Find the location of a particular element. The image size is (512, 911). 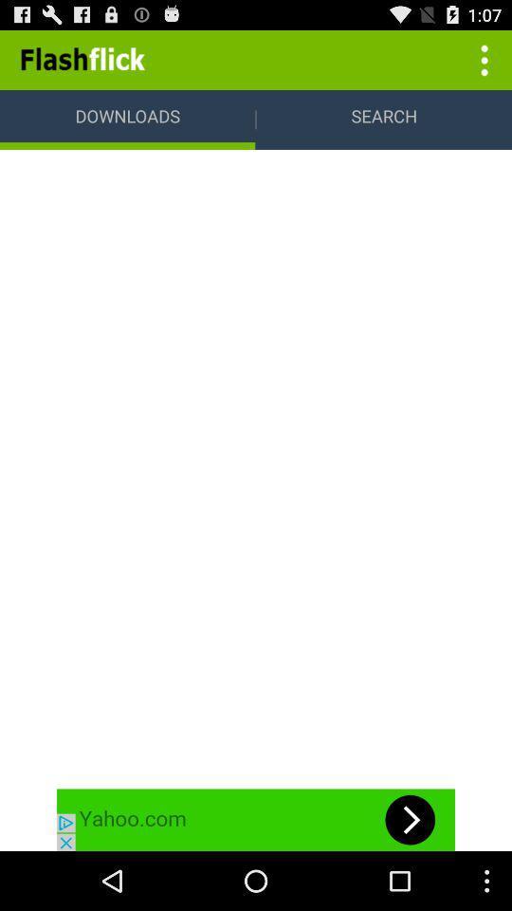

visit sponsor advertisement is located at coordinates (256, 819).